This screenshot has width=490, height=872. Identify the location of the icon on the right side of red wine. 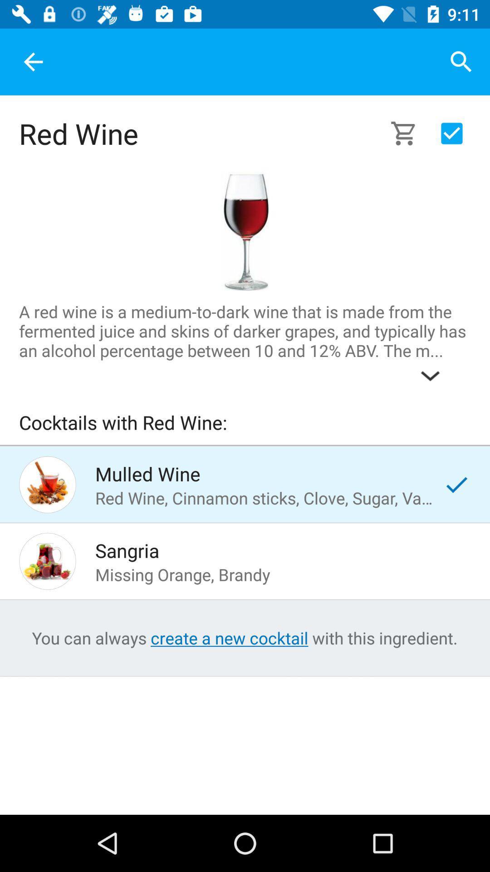
(409, 133).